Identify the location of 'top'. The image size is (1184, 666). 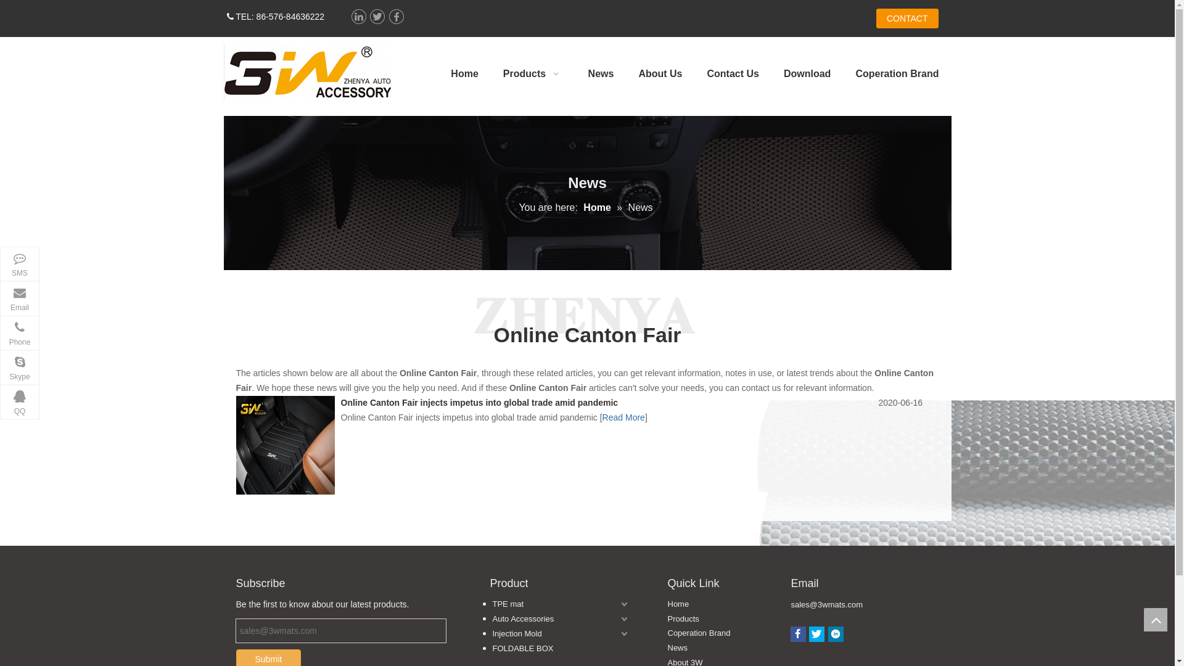
(1154, 620).